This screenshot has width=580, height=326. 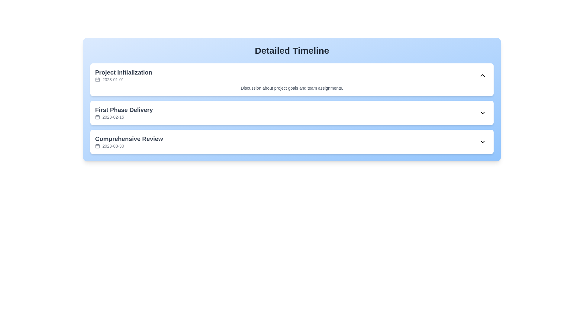 I want to click on the button with a downwards chevron icon located on the far right of the row labeled 'Comprehensive Review 2023-03-30', so click(x=482, y=142).